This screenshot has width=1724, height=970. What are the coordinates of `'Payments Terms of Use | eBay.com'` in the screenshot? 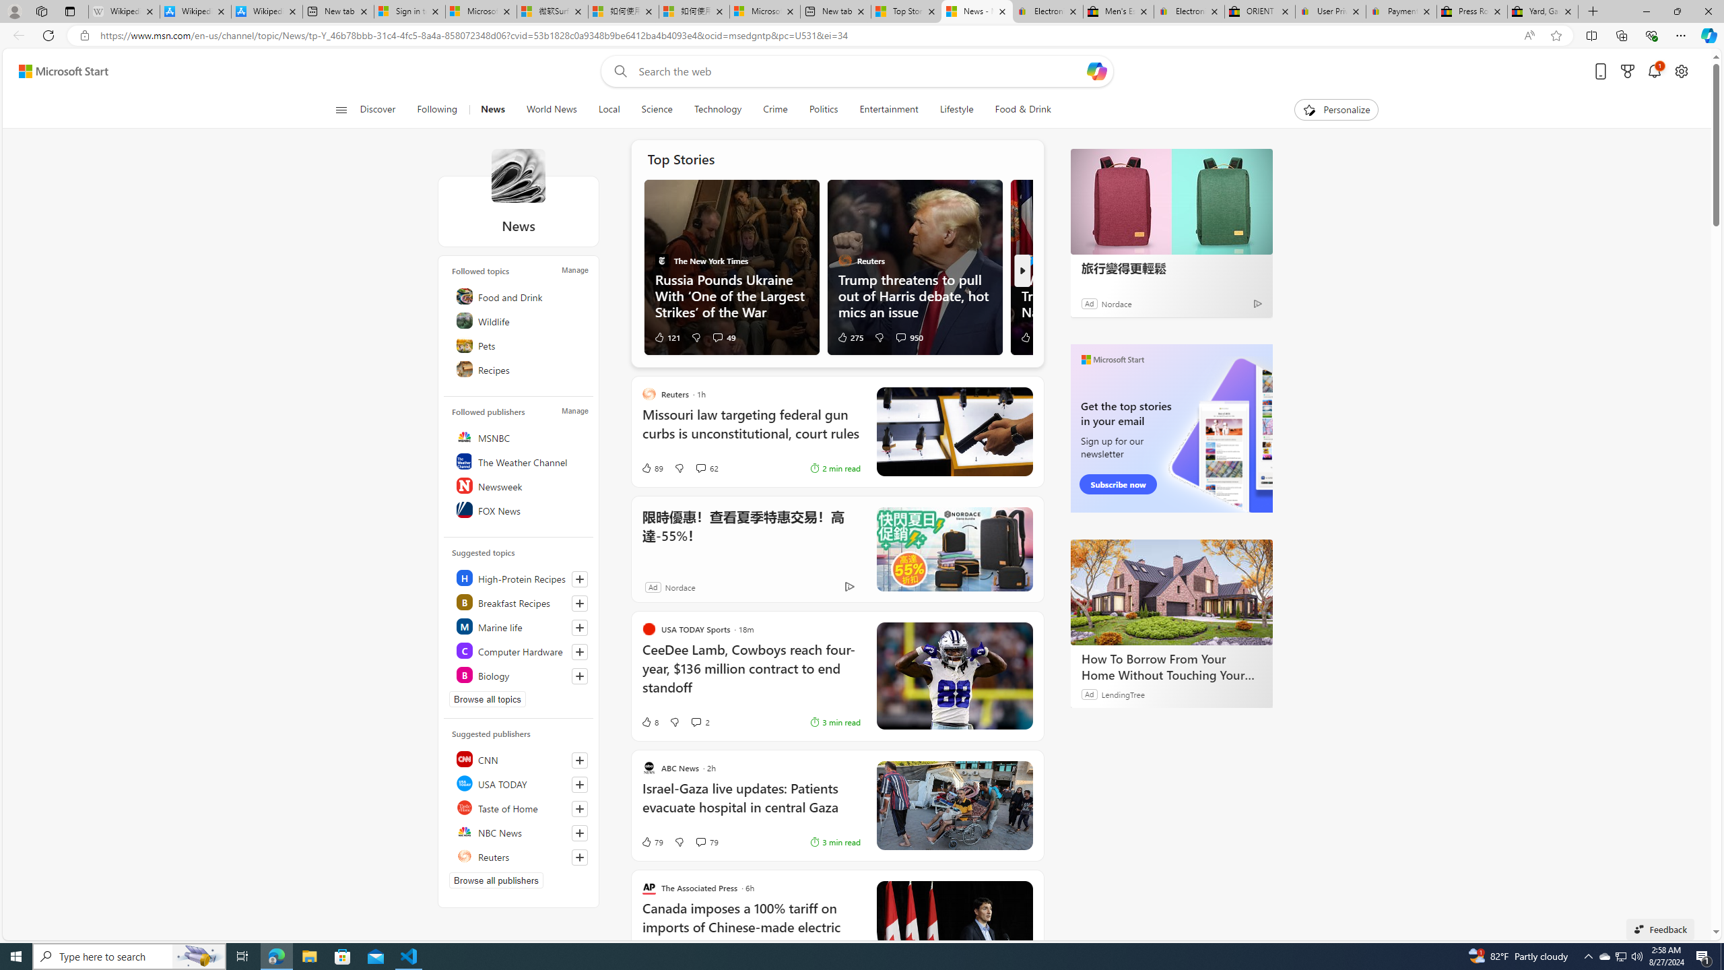 It's located at (1401, 11).